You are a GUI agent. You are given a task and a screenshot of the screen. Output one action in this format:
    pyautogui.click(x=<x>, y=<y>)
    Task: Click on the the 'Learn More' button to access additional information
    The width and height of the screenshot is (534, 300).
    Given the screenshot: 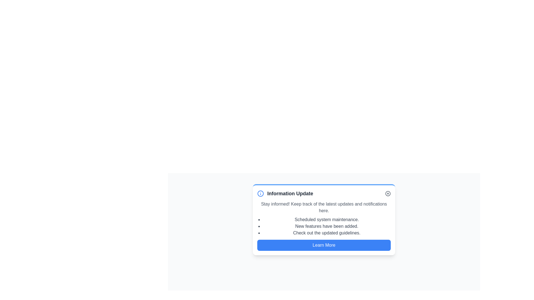 What is the action you would take?
    pyautogui.click(x=324, y=245)
    